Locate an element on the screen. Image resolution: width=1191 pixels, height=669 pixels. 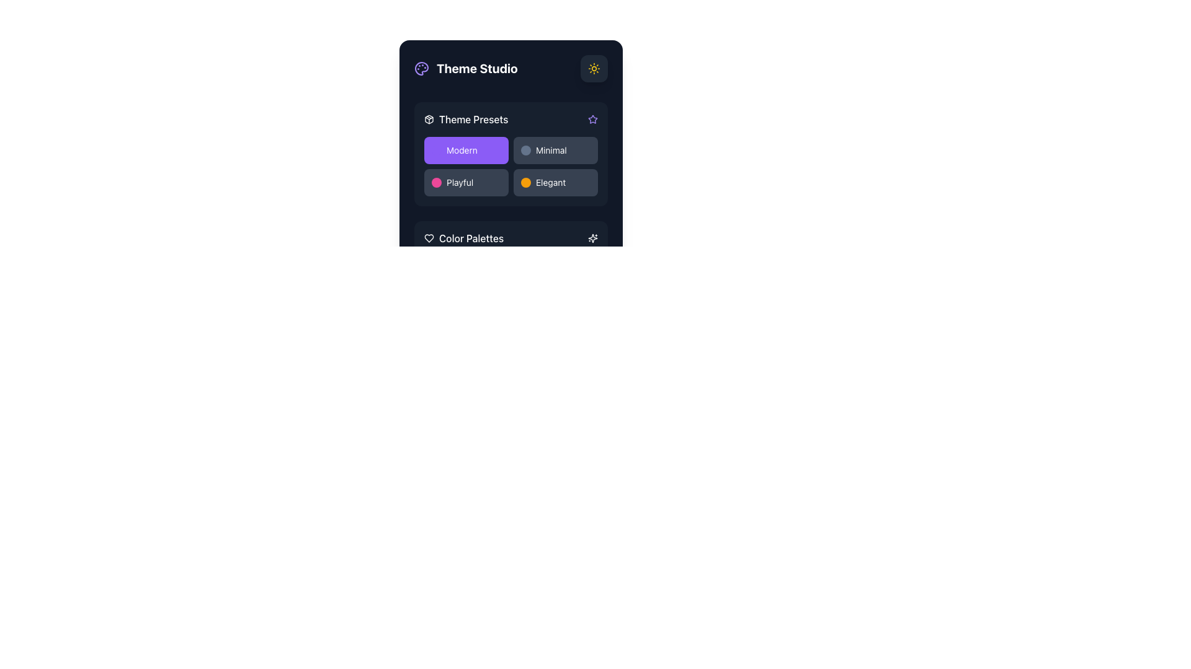
the SVG-based icon displaying a painter's palette is located at coordinates (422, 69).